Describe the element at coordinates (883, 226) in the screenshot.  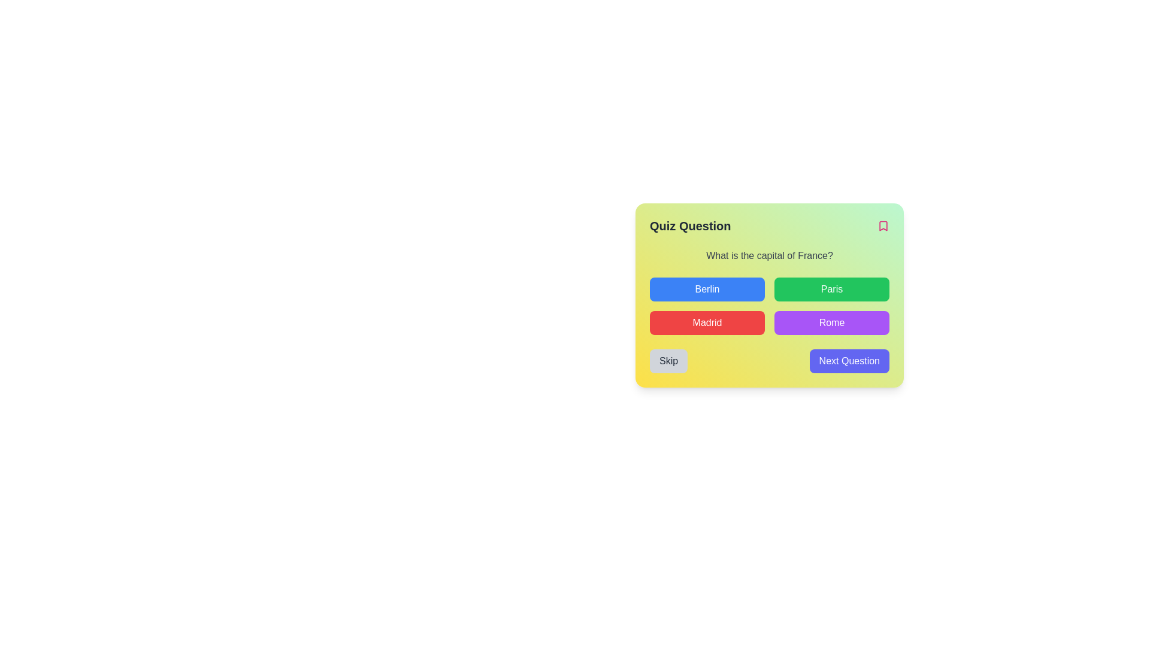
I see `the bookmark icon located on the far right of the 'Quiz Question' header` at that location.